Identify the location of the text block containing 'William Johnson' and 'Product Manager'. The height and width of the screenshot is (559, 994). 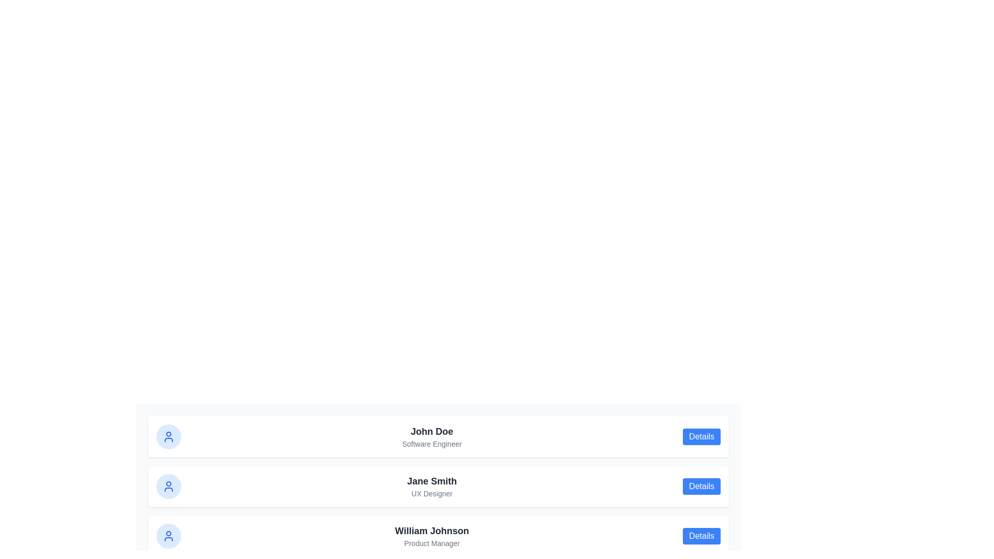
(432, 536).